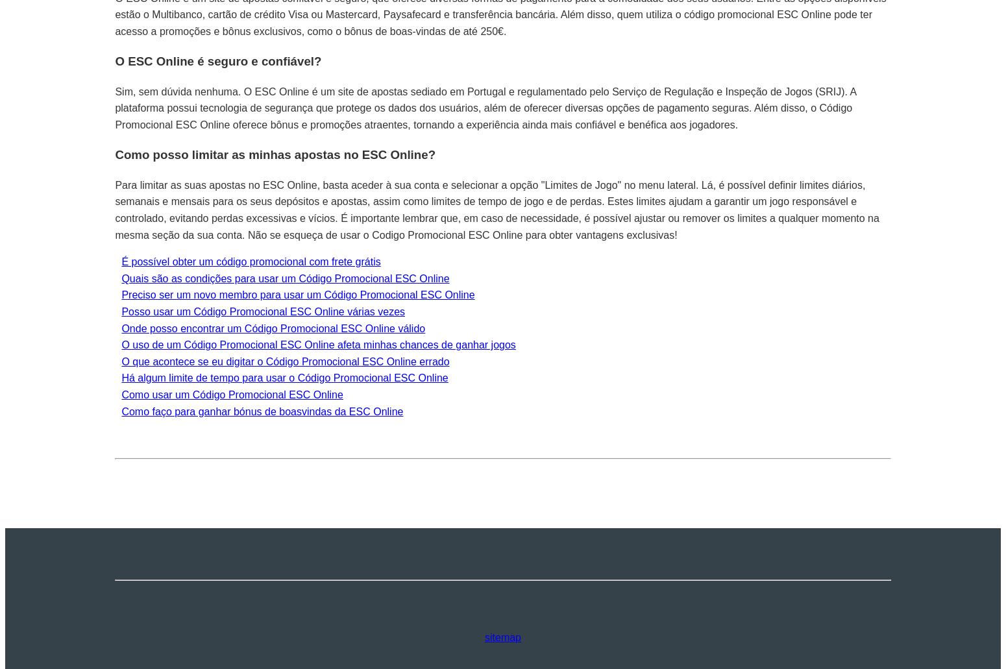 The image size is (1006, 669). What do you see at coordinates (285, 360) in the screenshot?
I see `'O que acontece se eu digitar o Código Promocional ESC Online errado'` at bounding box center [285, 360].